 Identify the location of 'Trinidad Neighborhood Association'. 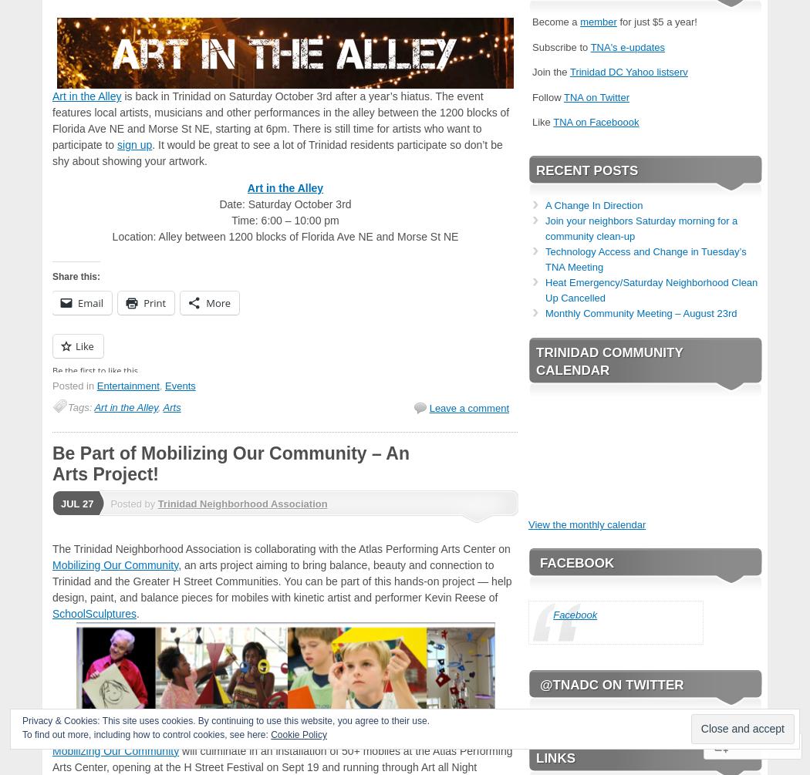
(241, 502).